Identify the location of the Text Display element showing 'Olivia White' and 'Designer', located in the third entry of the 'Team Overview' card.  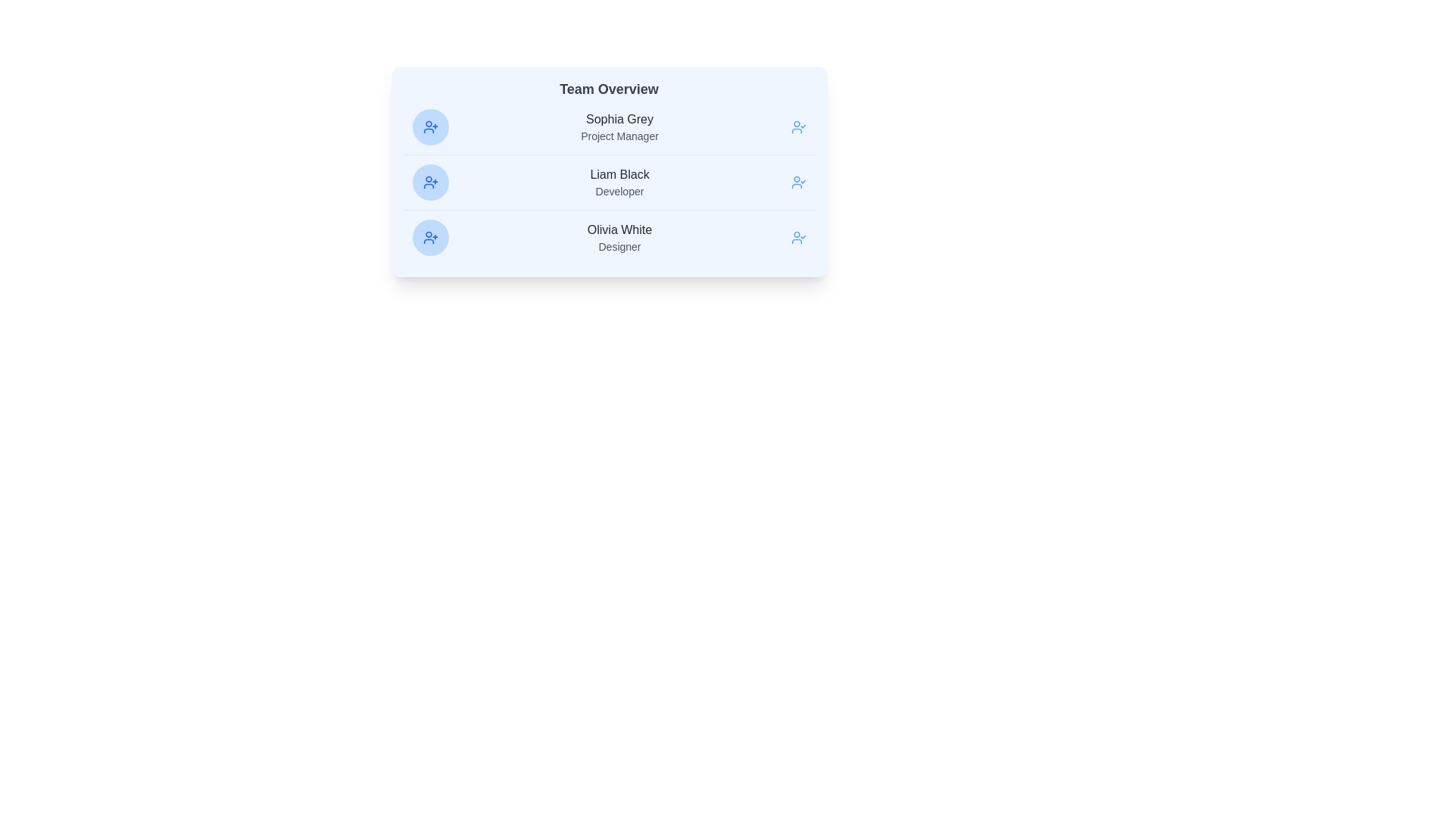
(619, 237).